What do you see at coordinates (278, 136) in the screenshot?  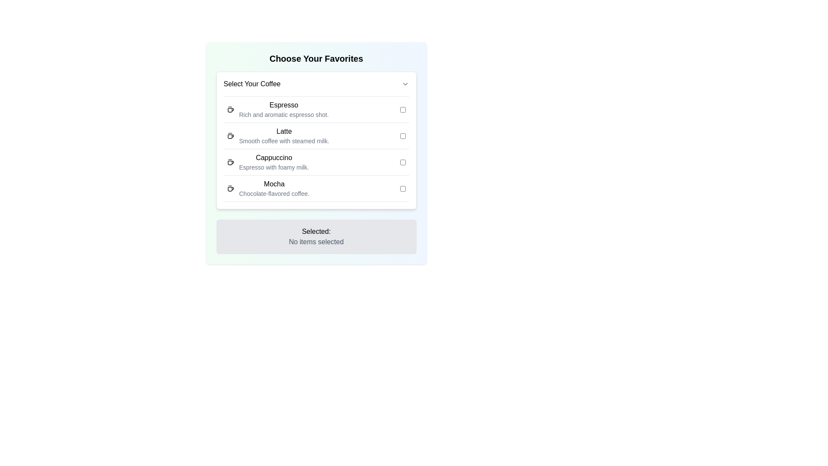 I see `informational text block displaying details about the 'Latte' coffee option, which includes the name in bold and a description beneath it` at bounding box center [278, 136].